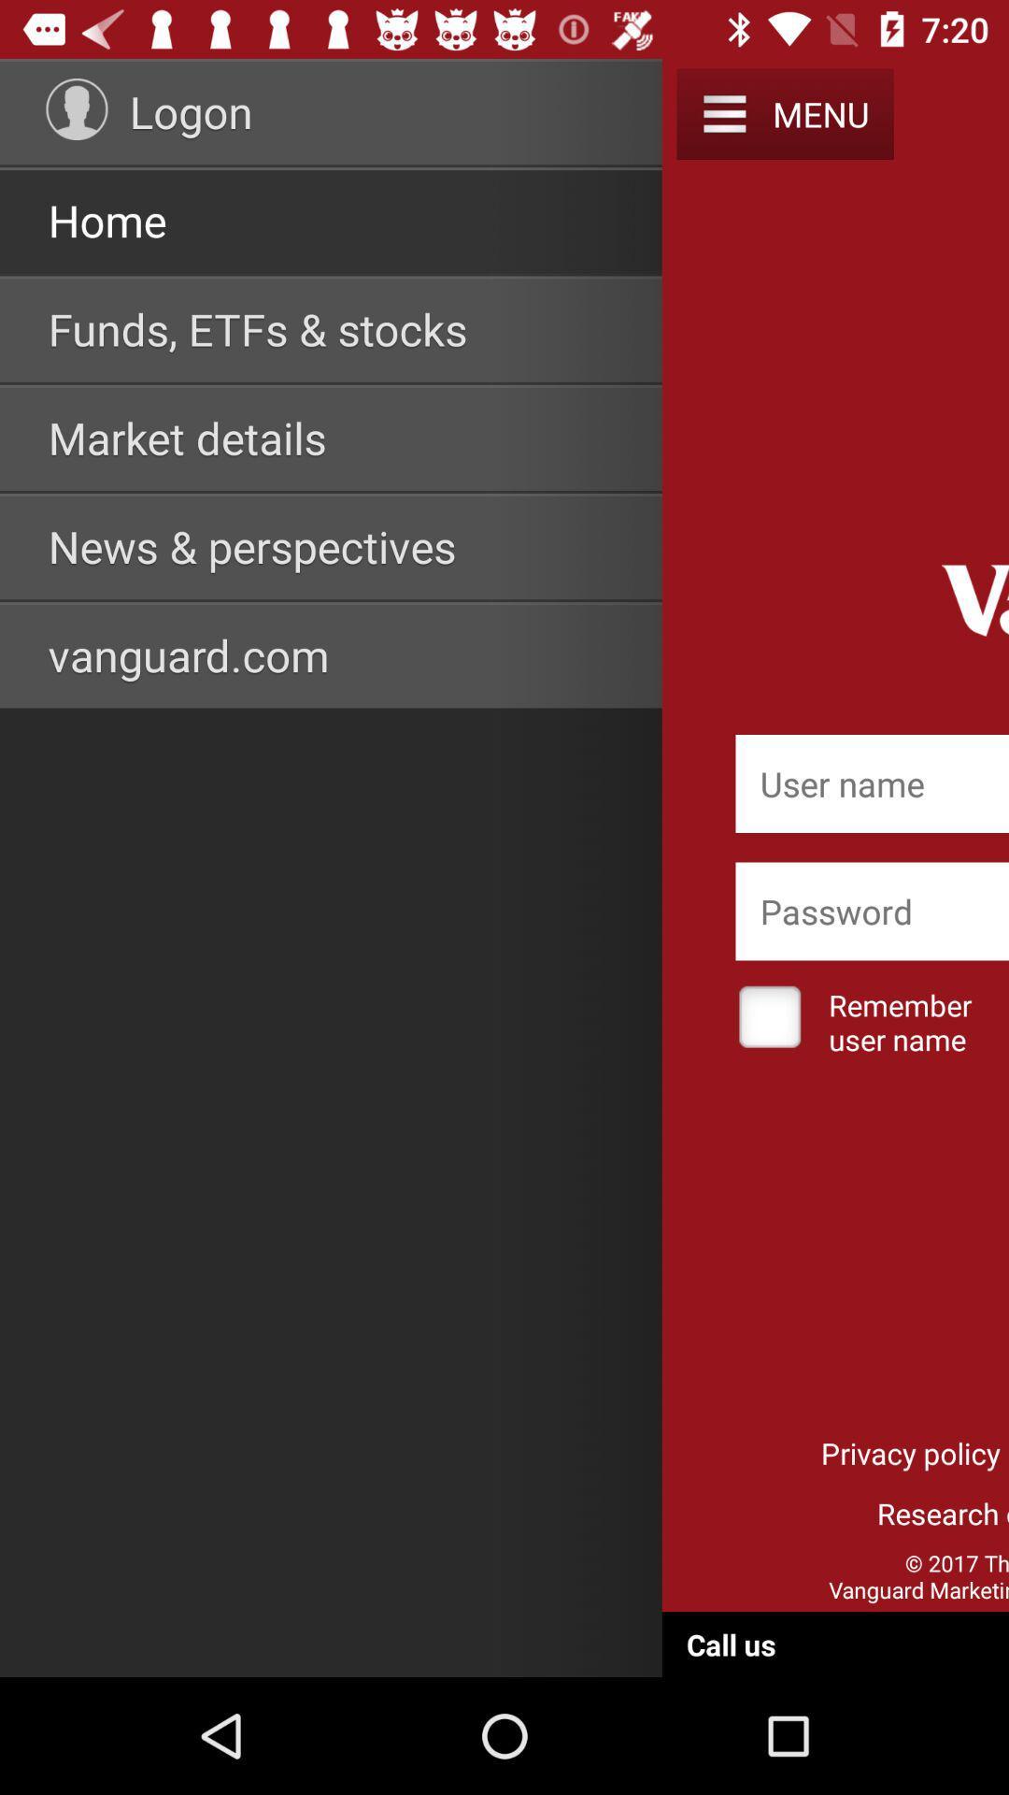  Describe the element at coordinates (187, 437) in the screenshot. I see `market details item` at that location.